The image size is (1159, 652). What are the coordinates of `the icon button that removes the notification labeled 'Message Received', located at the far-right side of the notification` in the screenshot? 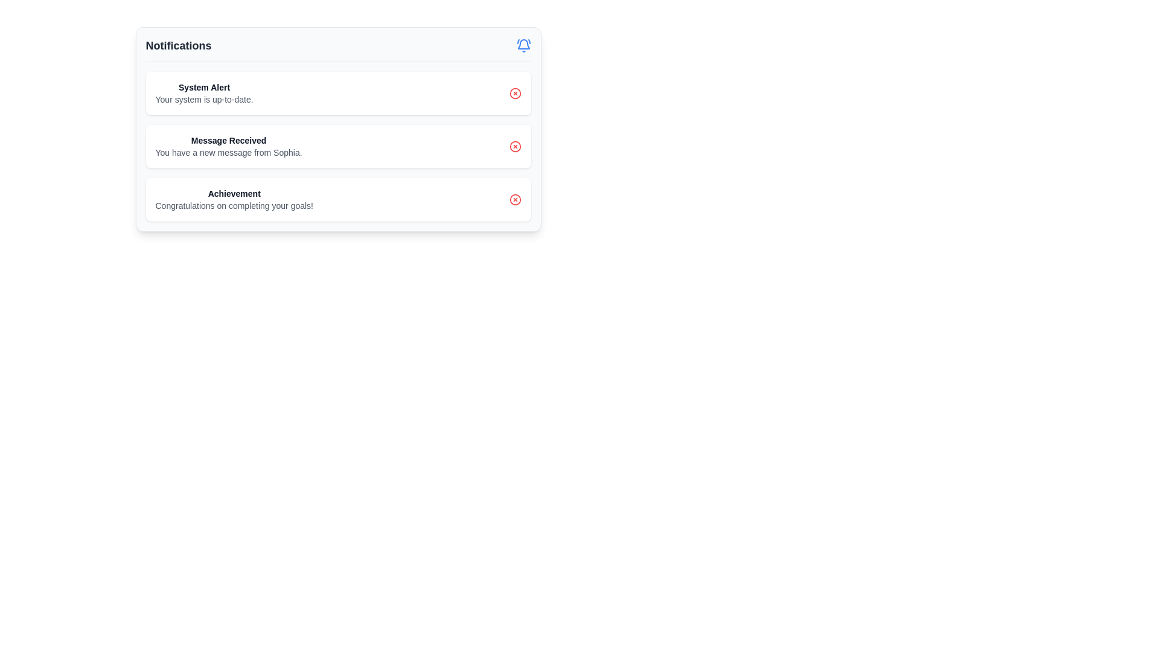 It's located at (515, 146).